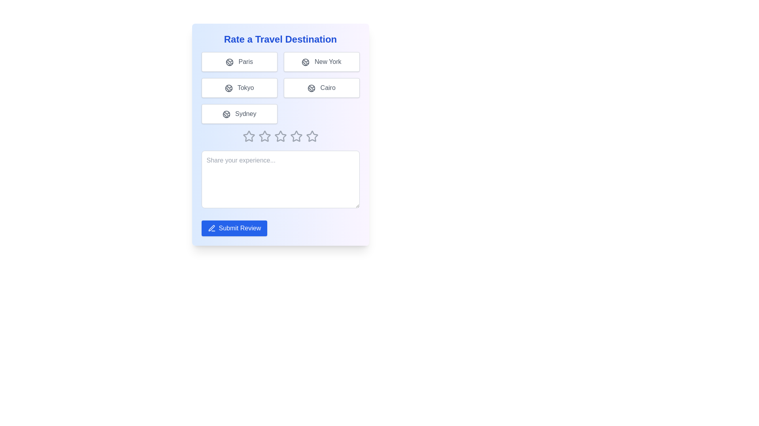 The image size is (759, 426). I want to click on the 'New York' button, which features an earth icon and is located in the top right corner of the travel destinations grid, so click(321, 62).